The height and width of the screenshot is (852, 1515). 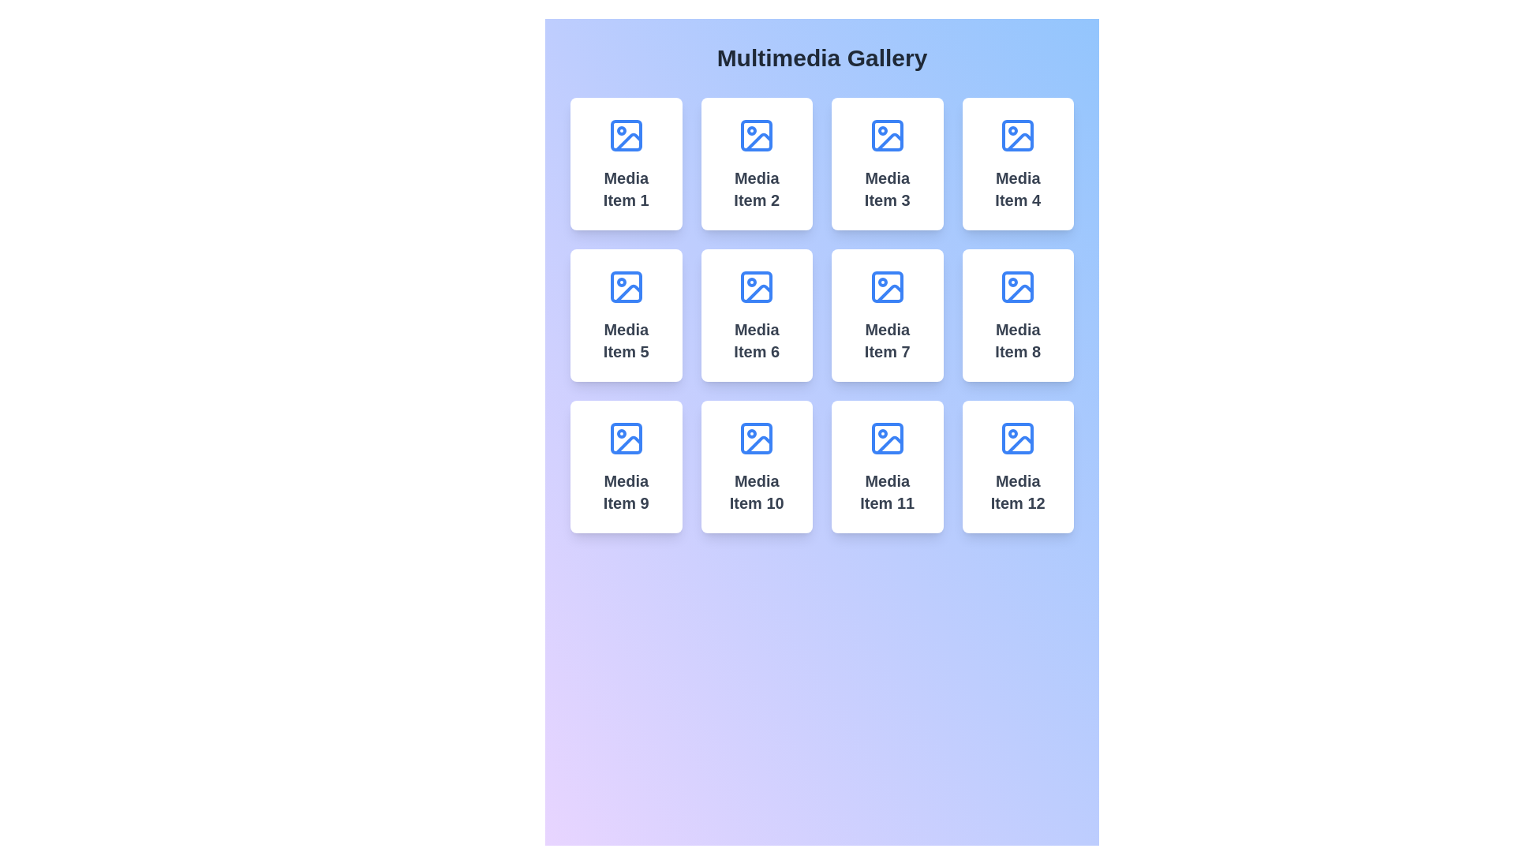 What do you see at coordinates (1018, 286) in the screenshot?
I see `the icon with a blue outline and circular element located at the top of 'Media Item 8' card, positioned in the third column, second row of the grid layout` at bounding box center [1018, 286].